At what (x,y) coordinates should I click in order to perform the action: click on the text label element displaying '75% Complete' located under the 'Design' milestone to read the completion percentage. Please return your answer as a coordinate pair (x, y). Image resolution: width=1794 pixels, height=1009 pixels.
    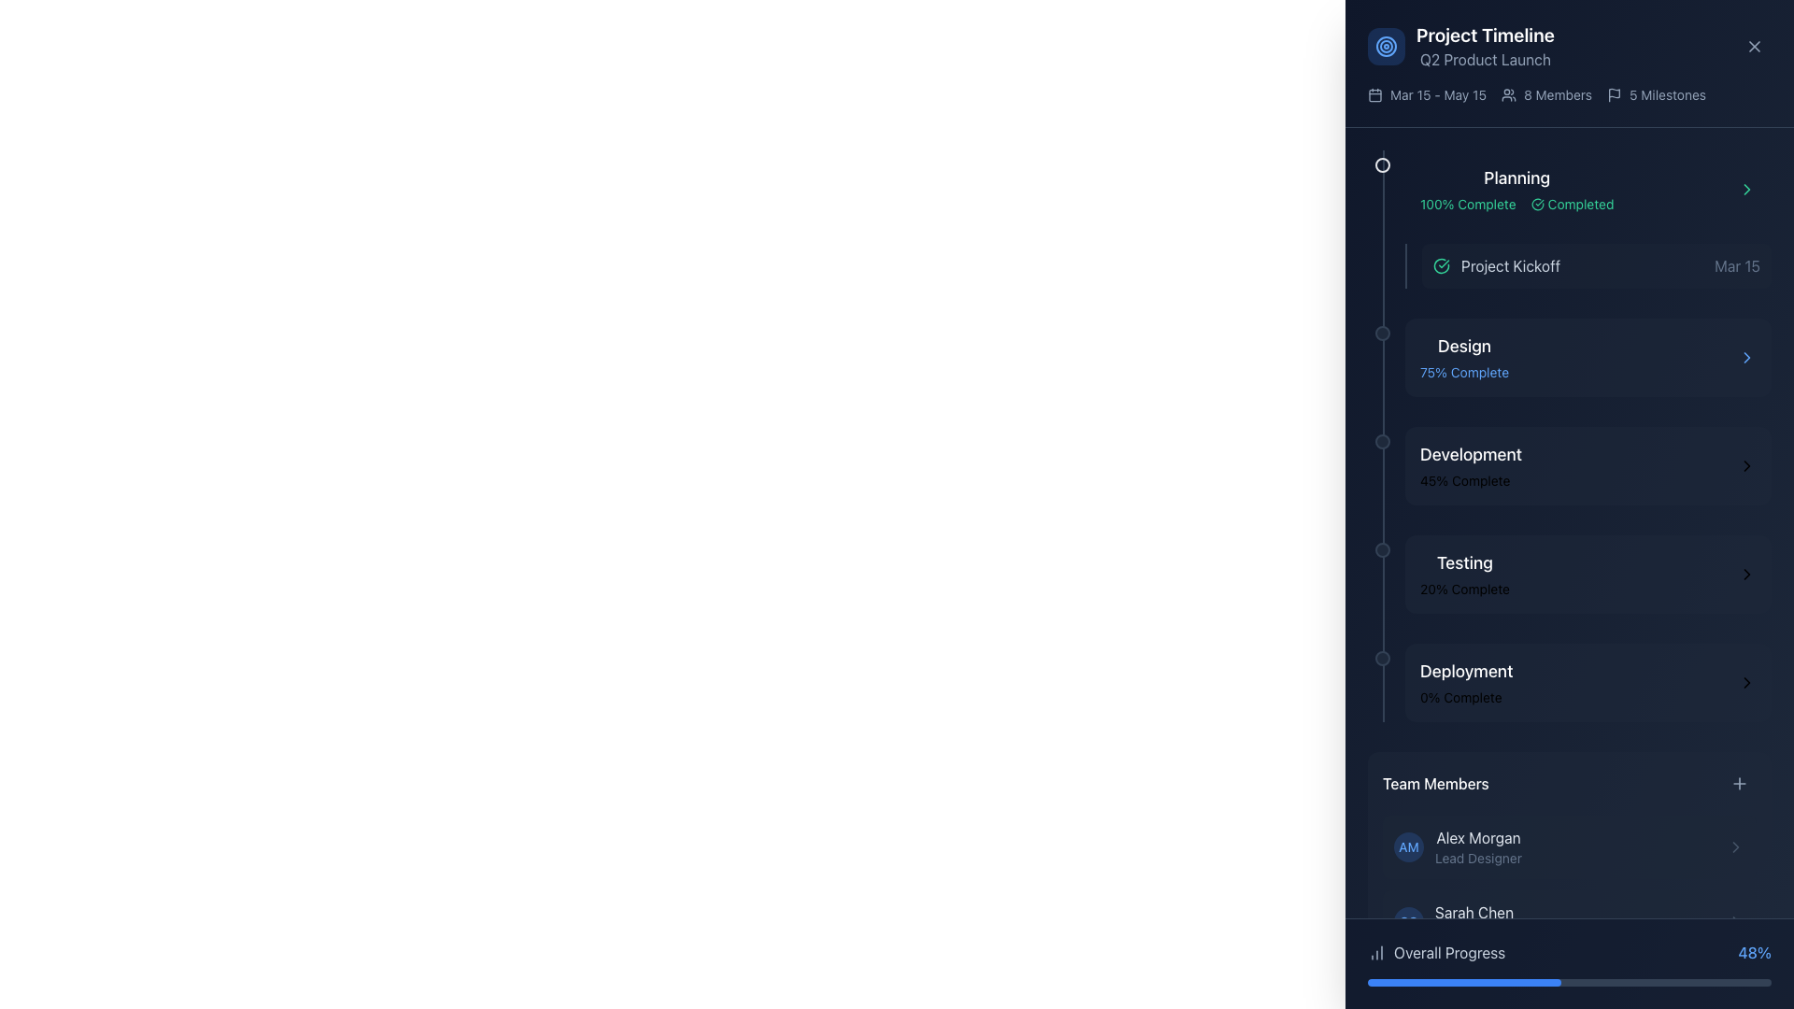
    Looking at the image, I should click on (1463, 372).